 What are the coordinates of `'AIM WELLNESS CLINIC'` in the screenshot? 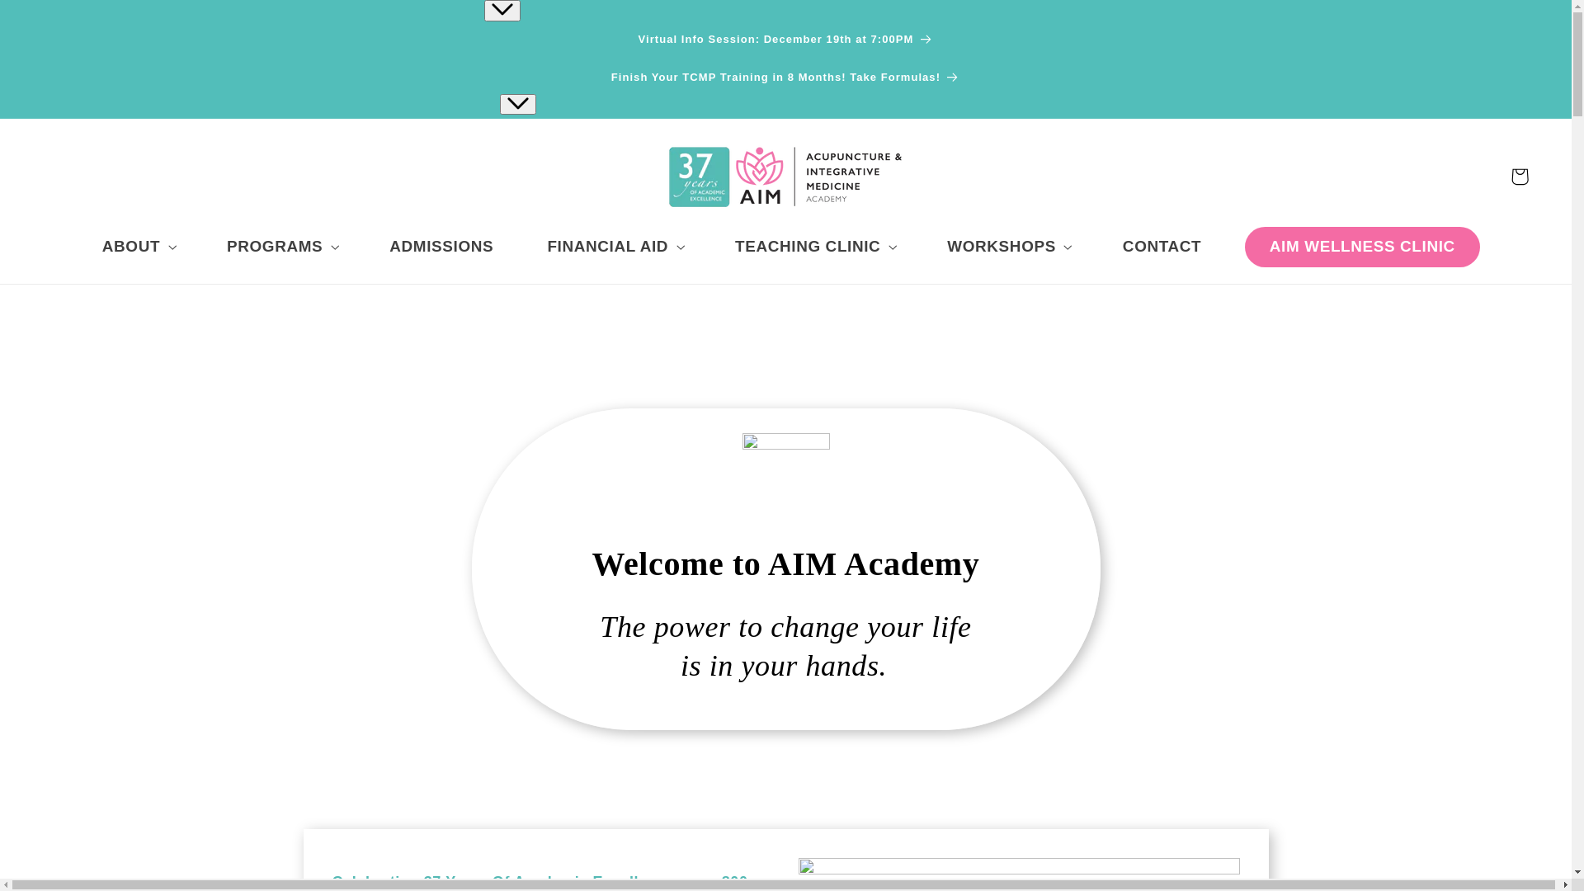 It's located at (1362, 247).